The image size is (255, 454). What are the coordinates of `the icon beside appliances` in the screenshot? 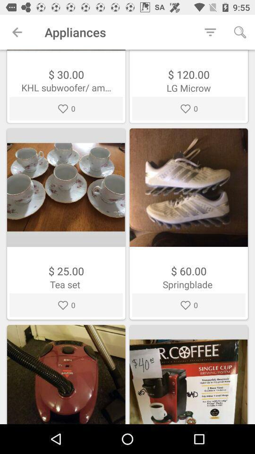 It's located at (210, 32).